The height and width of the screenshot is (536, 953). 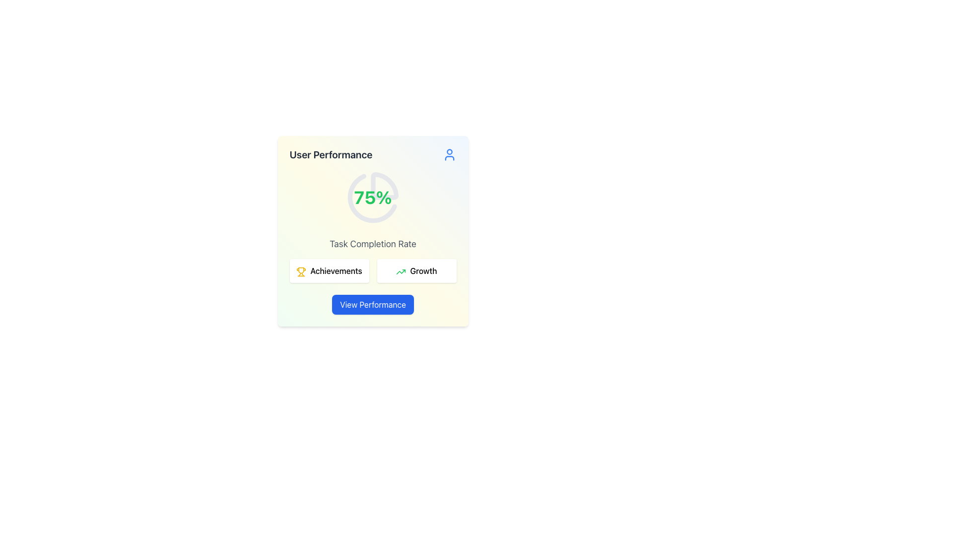 I want to click on the second card in the user performance dashboard that signifies growth metrics, located to the right of the 'Achievements' card, so click(x=416, y=271).